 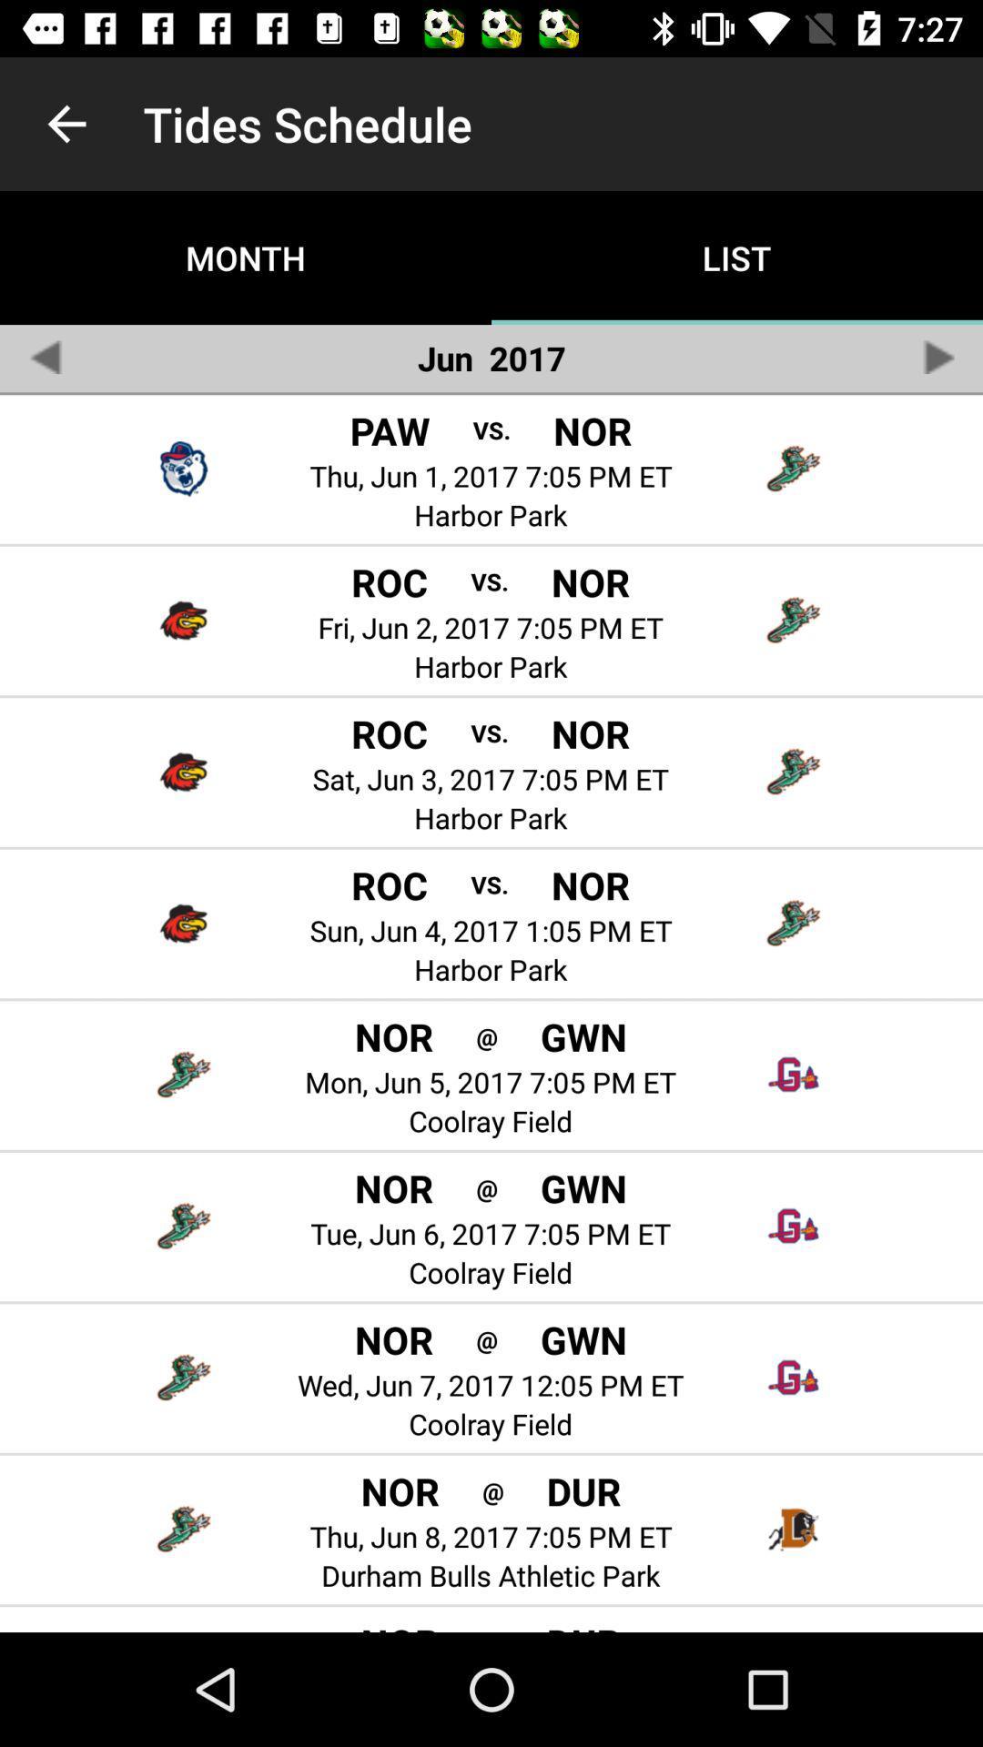 I want to click on item next to gwn, so click(x=486, y=1035).